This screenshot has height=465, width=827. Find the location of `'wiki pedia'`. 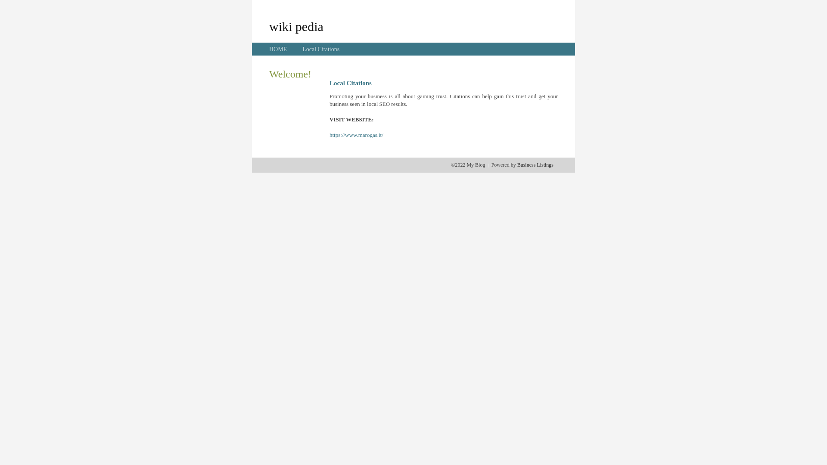

'wiki pedia' is located at coordinates (296, 26).